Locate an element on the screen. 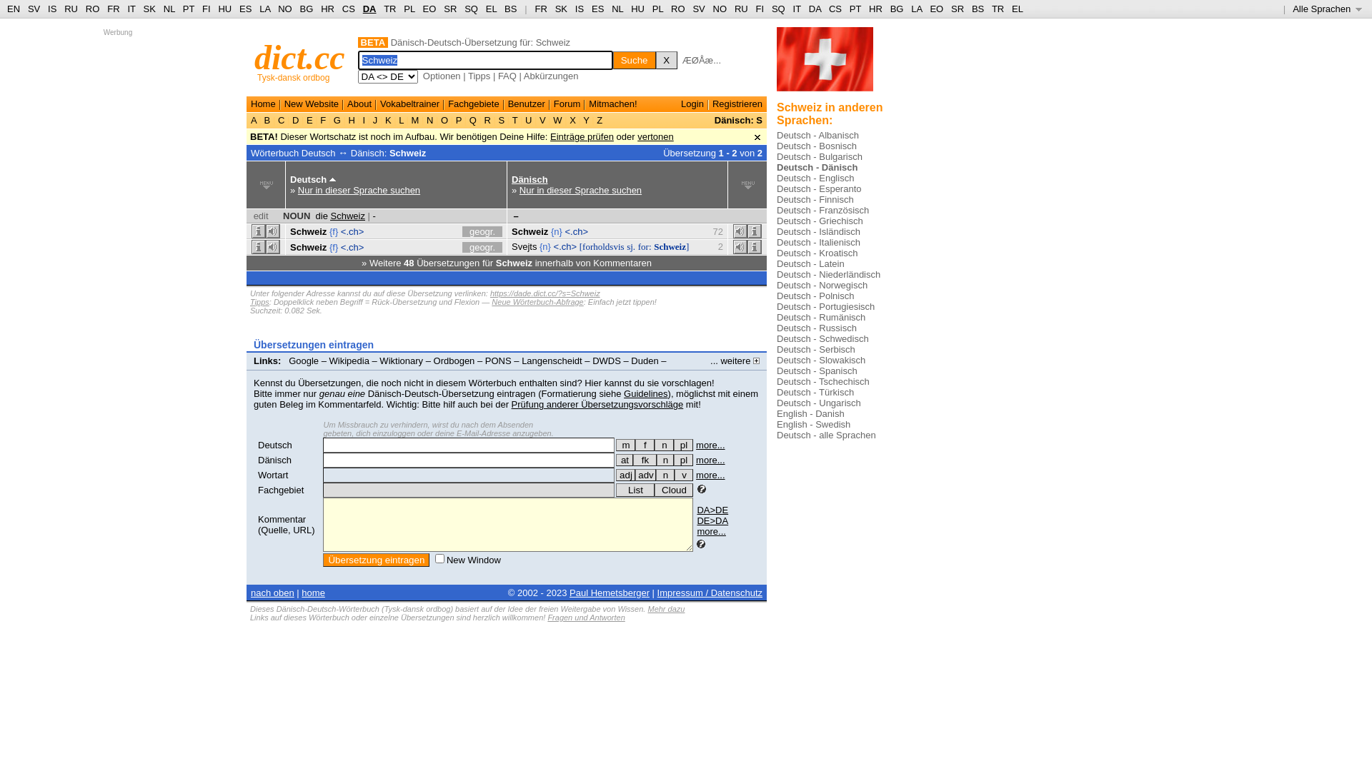  'Home' is located at coordinates (250, 103).